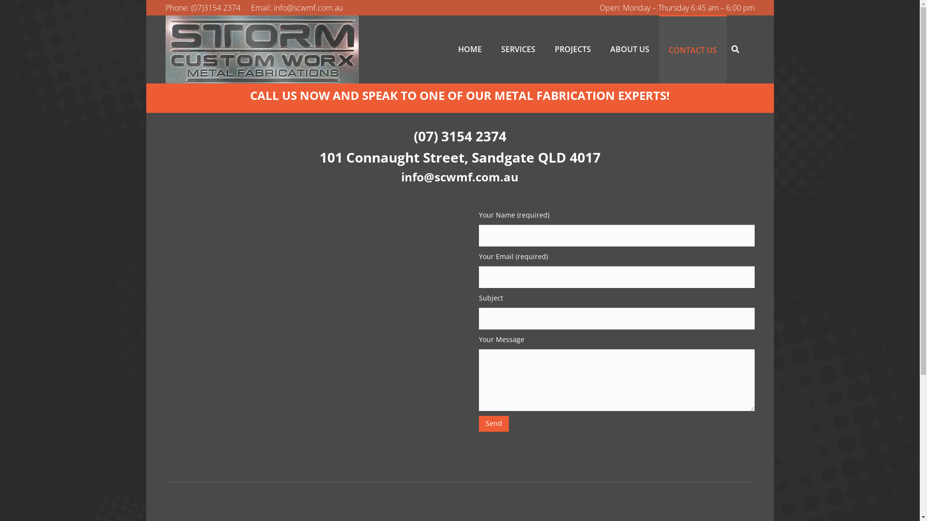 The image size is (927, 521). Describe the element at coordinates (630, 49) in the screenshot. I see `'ABOUT US'` at that location.